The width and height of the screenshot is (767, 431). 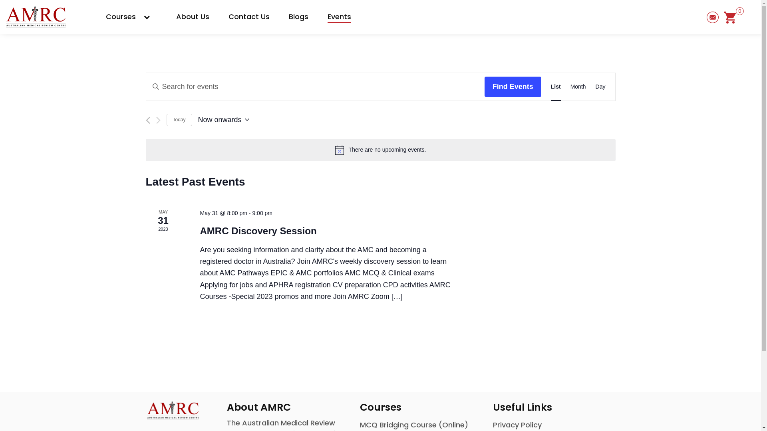 What do you see at coordinates (517, 424) in the screenshot?
I see `'Privacy Policy'` at bounding box center [517, 424].